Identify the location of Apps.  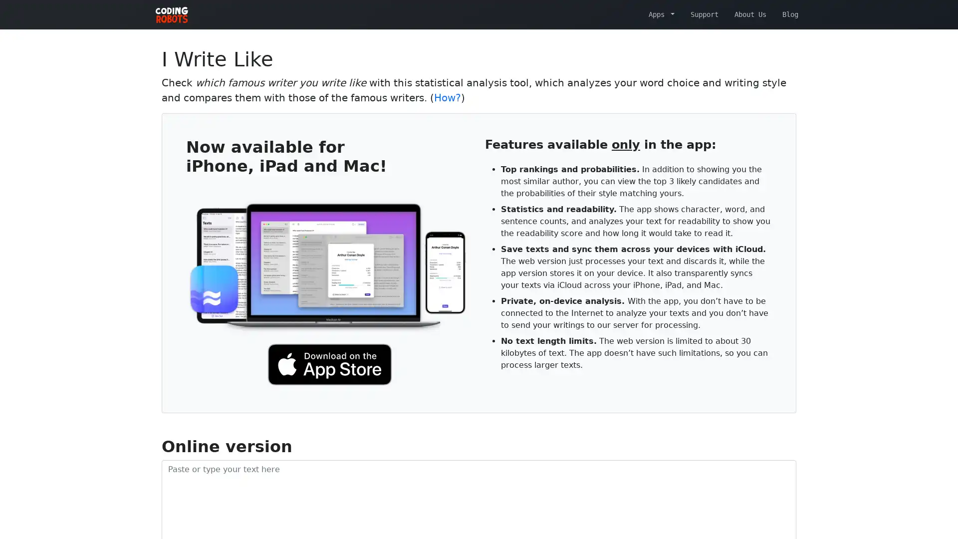
(661, 14).